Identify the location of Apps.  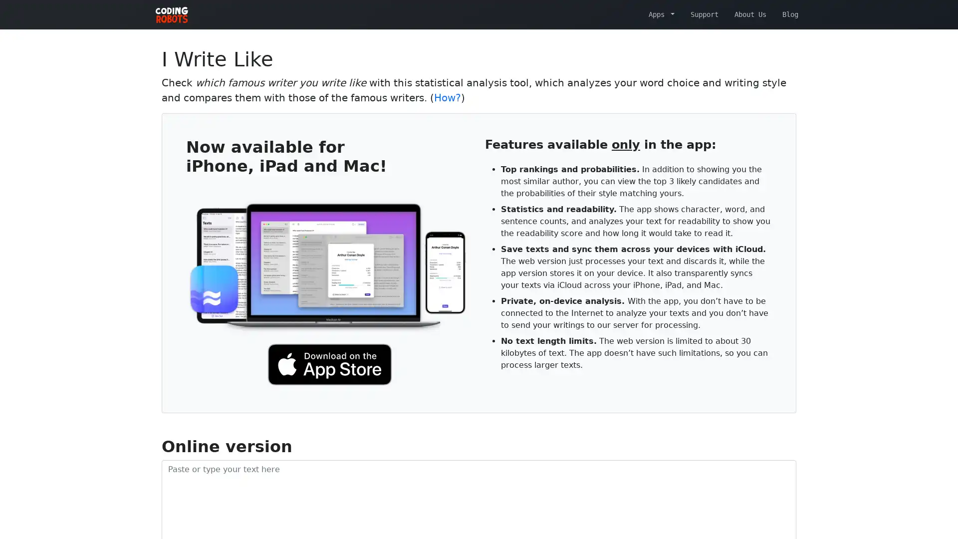
(661, 14).